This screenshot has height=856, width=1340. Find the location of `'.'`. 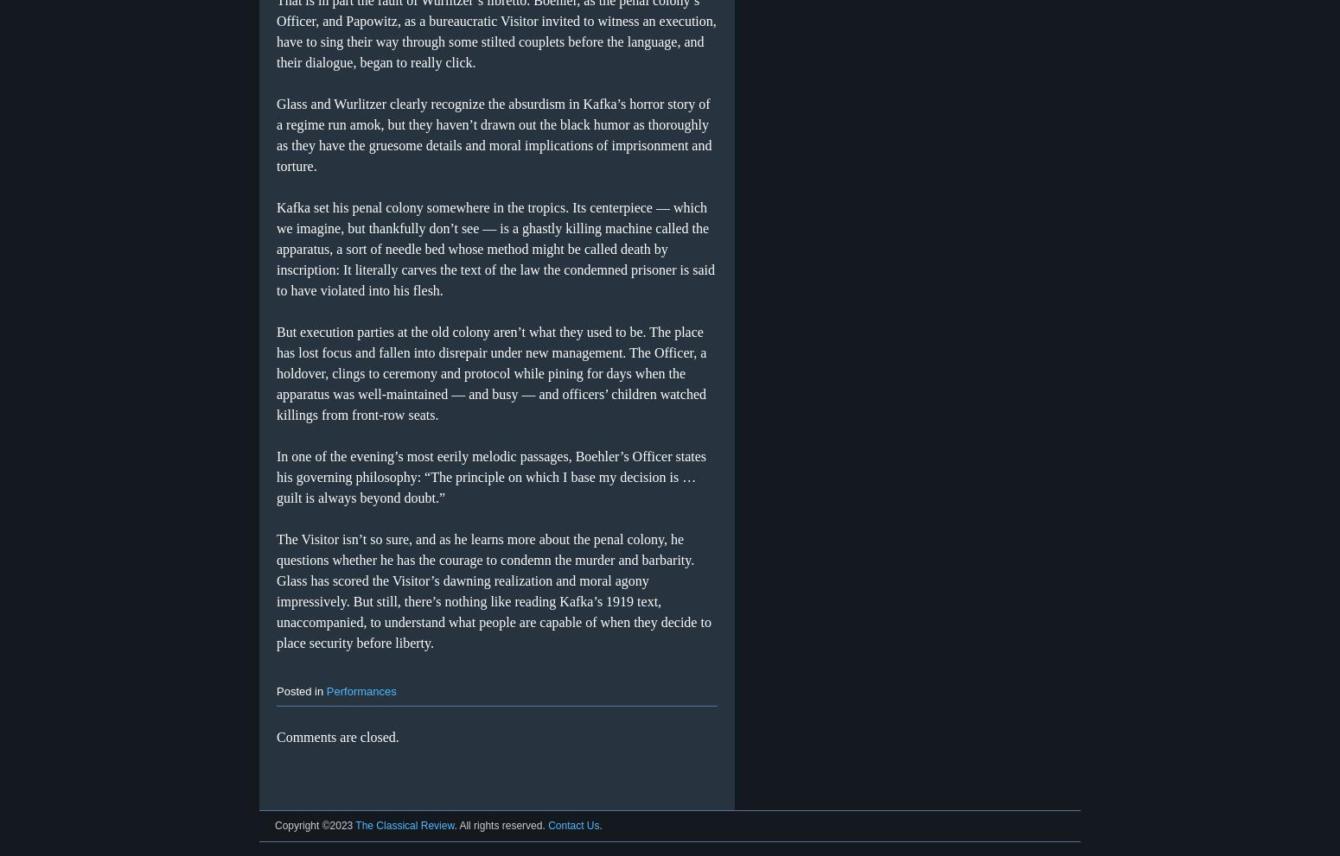

'.' is located at coordinates (599, 826).